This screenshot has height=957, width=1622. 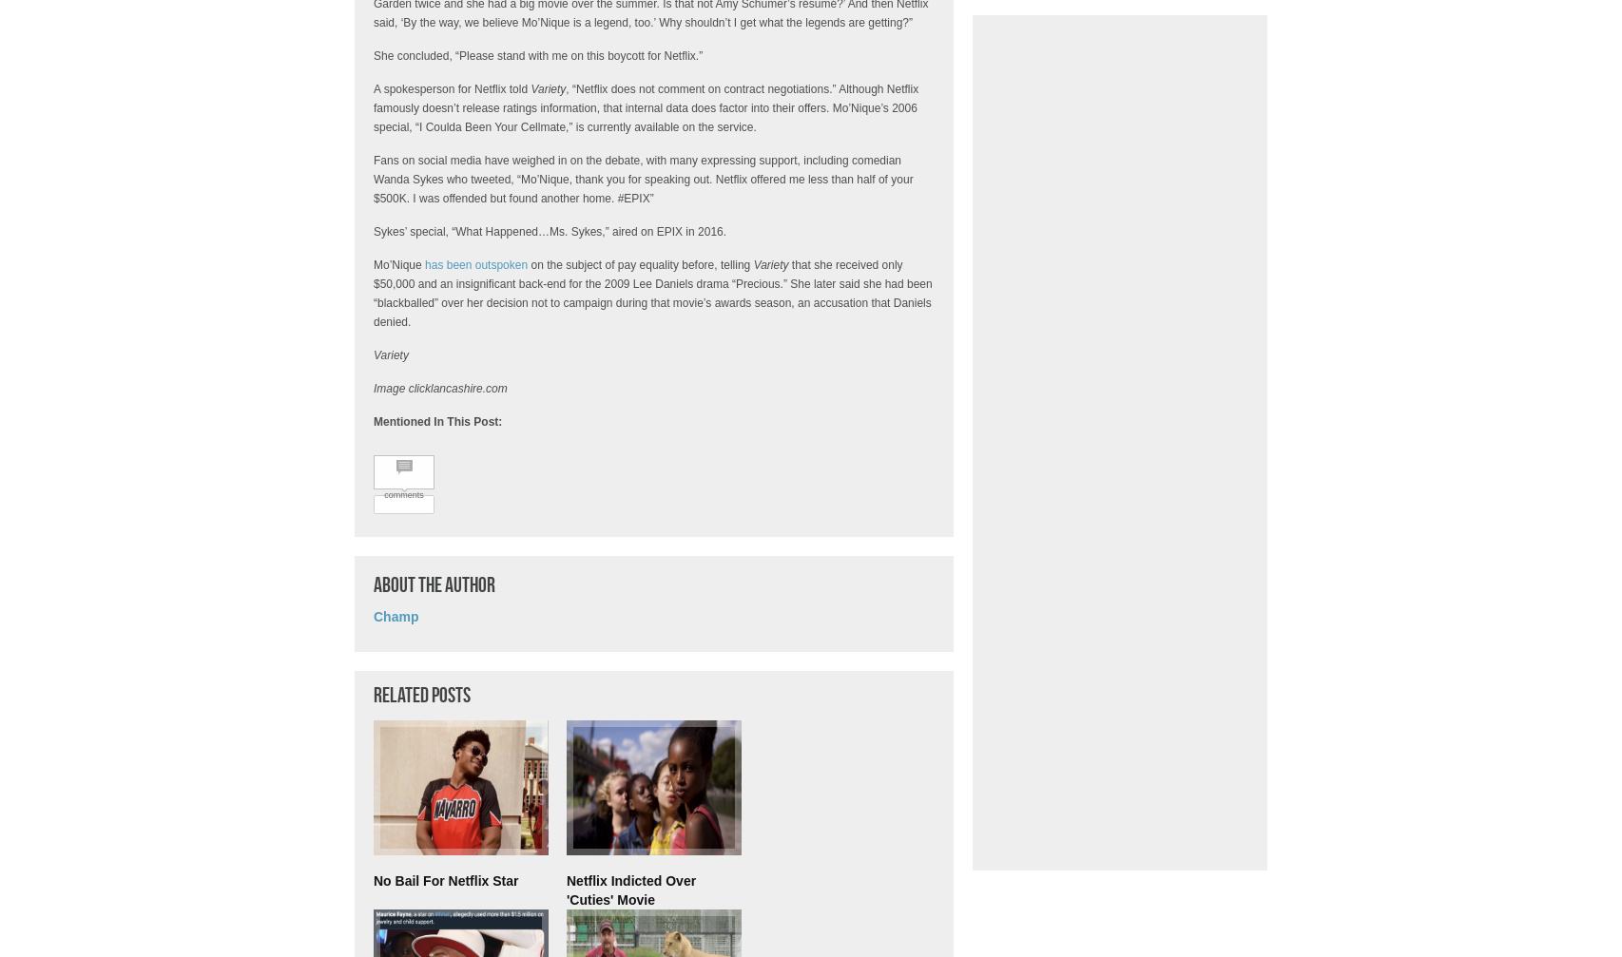 I want to click on 'comments', so click(x=403, y=494).